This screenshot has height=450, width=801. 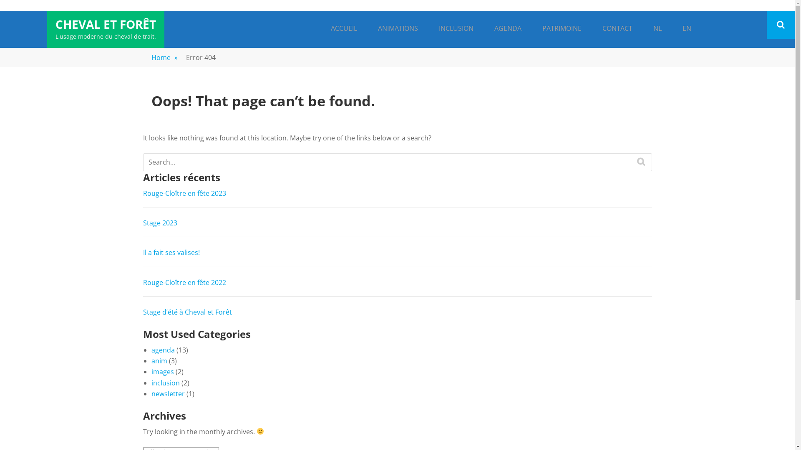 I want to click on 'Il a fait ses valises!', so click(x=170, y=252).